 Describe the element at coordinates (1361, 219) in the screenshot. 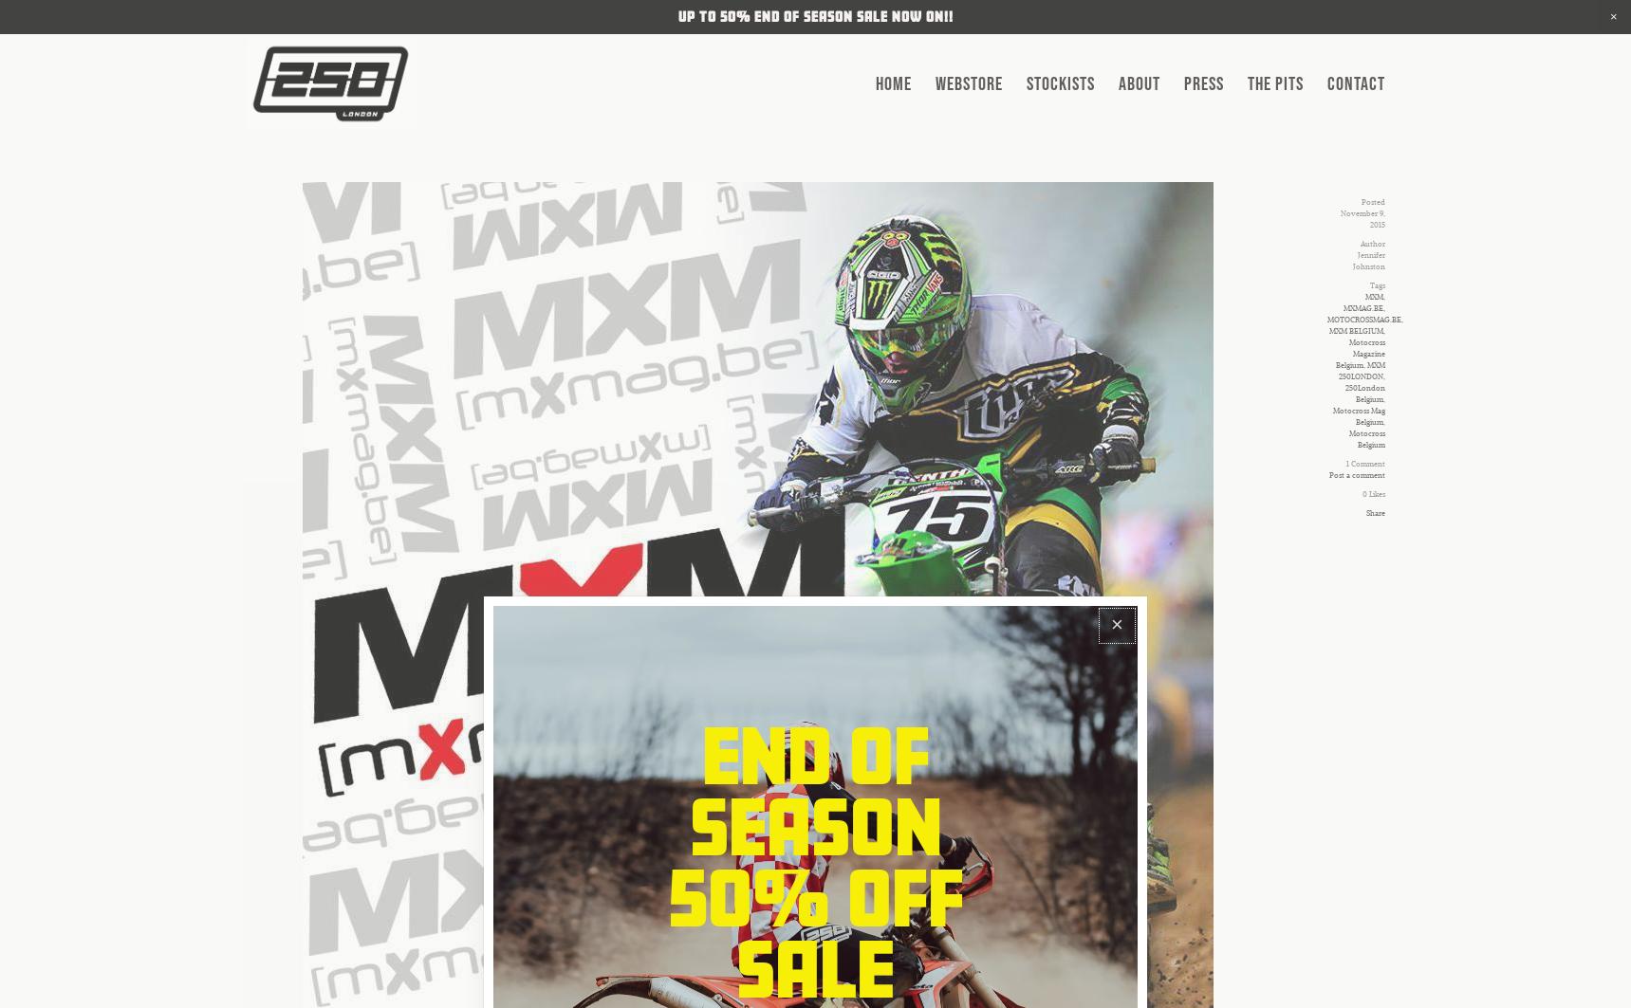

I see `'November  9, 2015'` at that location.